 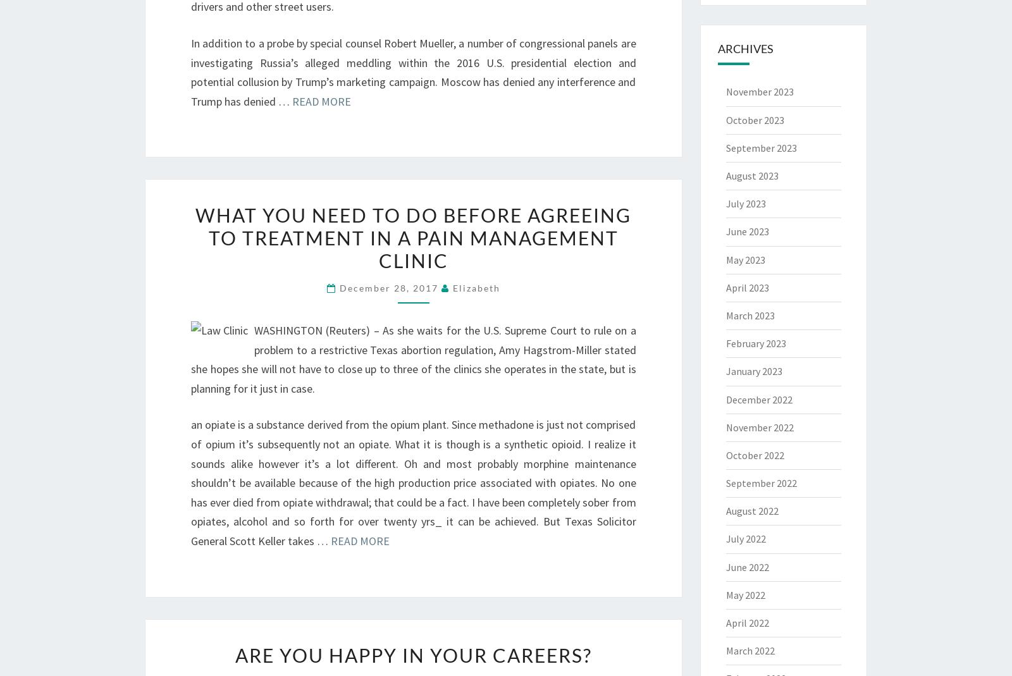 I want to click on 'February 2023', so click(x=755, y=343).